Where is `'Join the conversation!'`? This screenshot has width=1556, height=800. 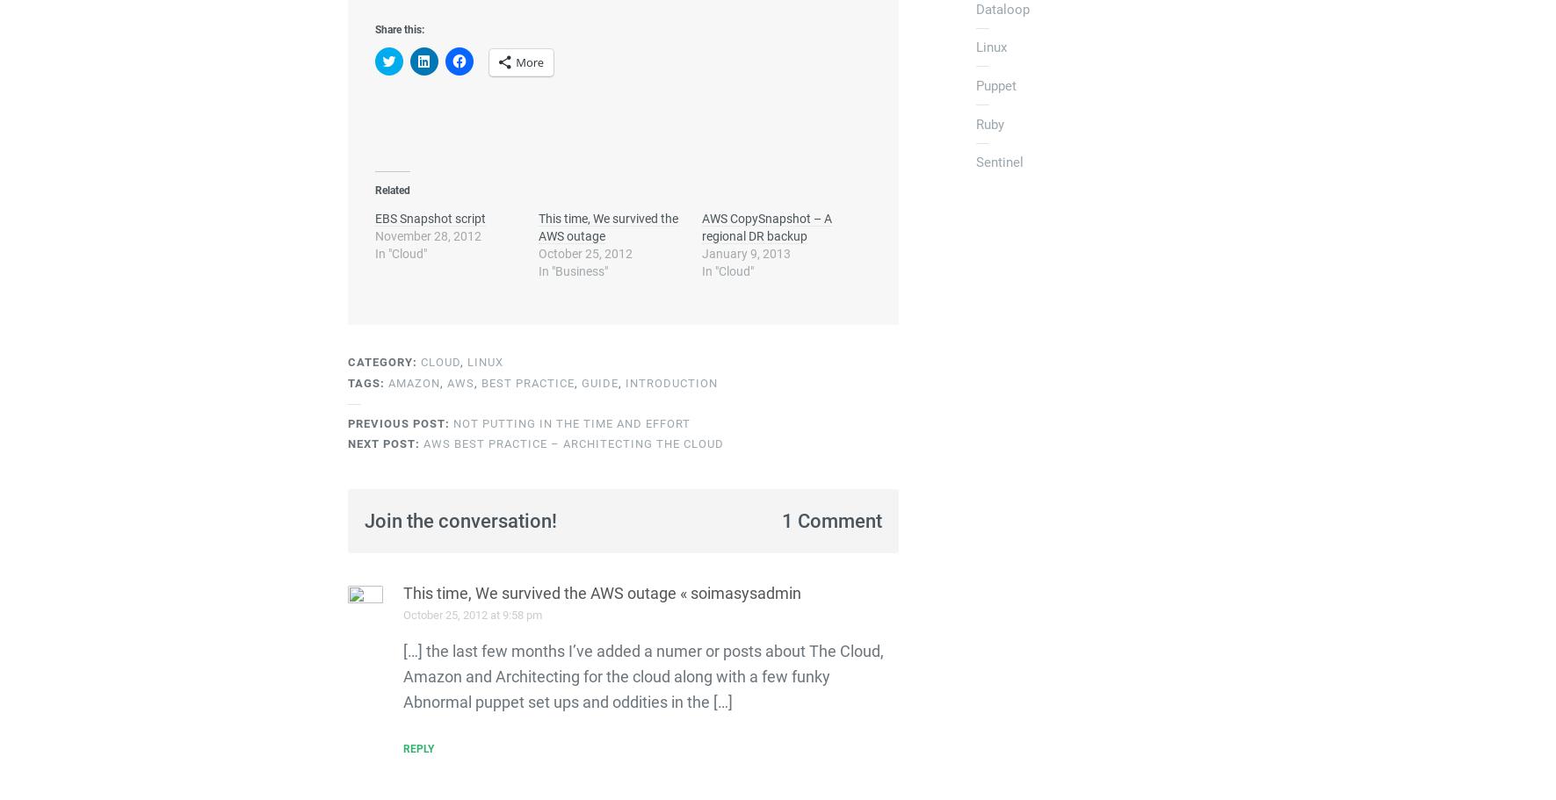
'Join the conversation!' is located at coordinates (459, 520).